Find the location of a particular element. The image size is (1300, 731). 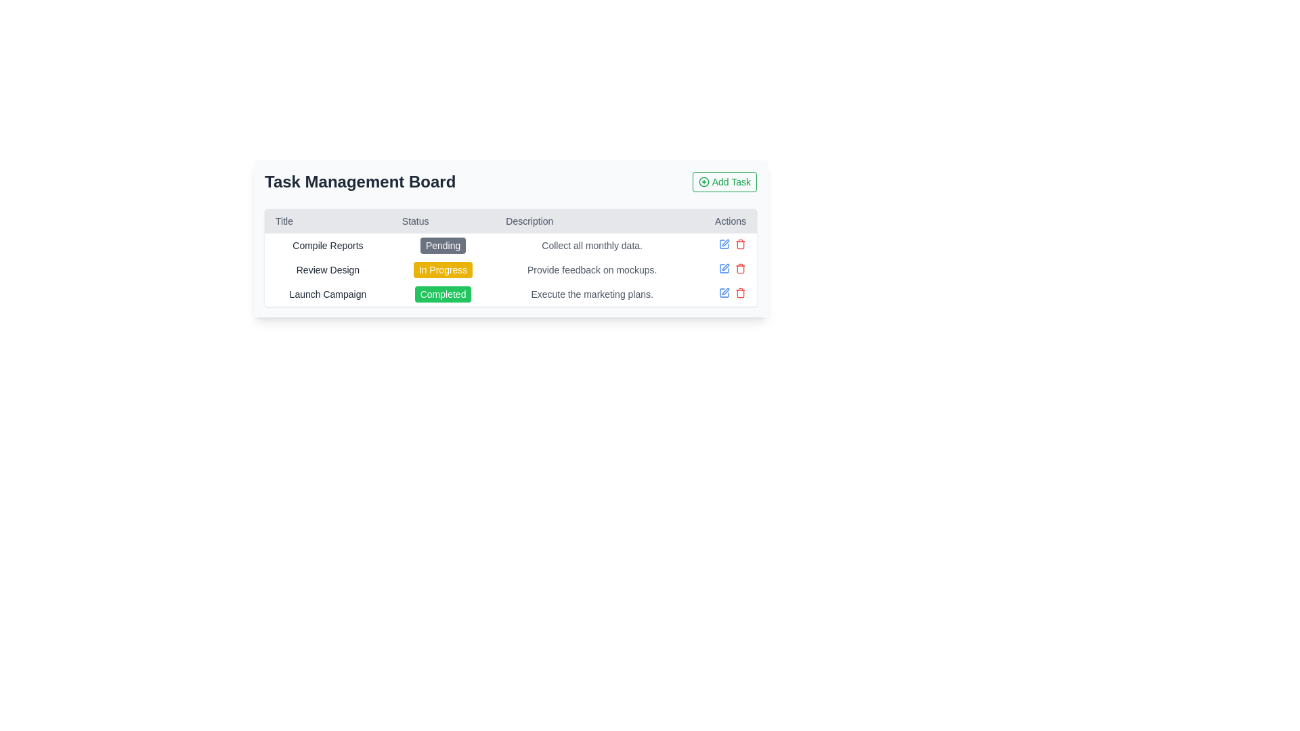

the static text element that describes the task 'Compile Reports', located in the 'Description' column of the first row in the task management board is located at coordinates (592, 245).